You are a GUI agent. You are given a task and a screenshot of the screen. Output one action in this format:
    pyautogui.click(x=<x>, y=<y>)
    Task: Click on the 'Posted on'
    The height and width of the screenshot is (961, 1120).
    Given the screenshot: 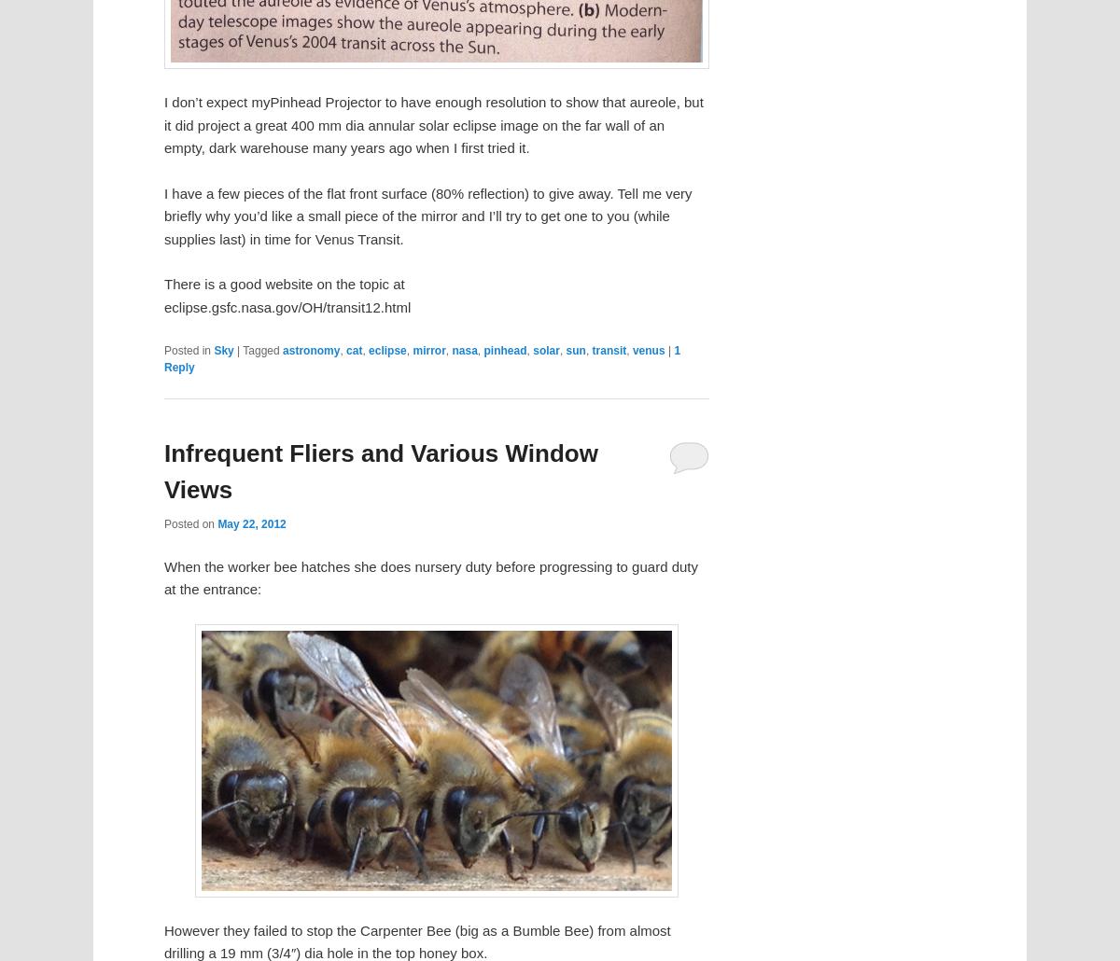 What is the action you would take?
    pyautogui.click(x=189, y=523)
    